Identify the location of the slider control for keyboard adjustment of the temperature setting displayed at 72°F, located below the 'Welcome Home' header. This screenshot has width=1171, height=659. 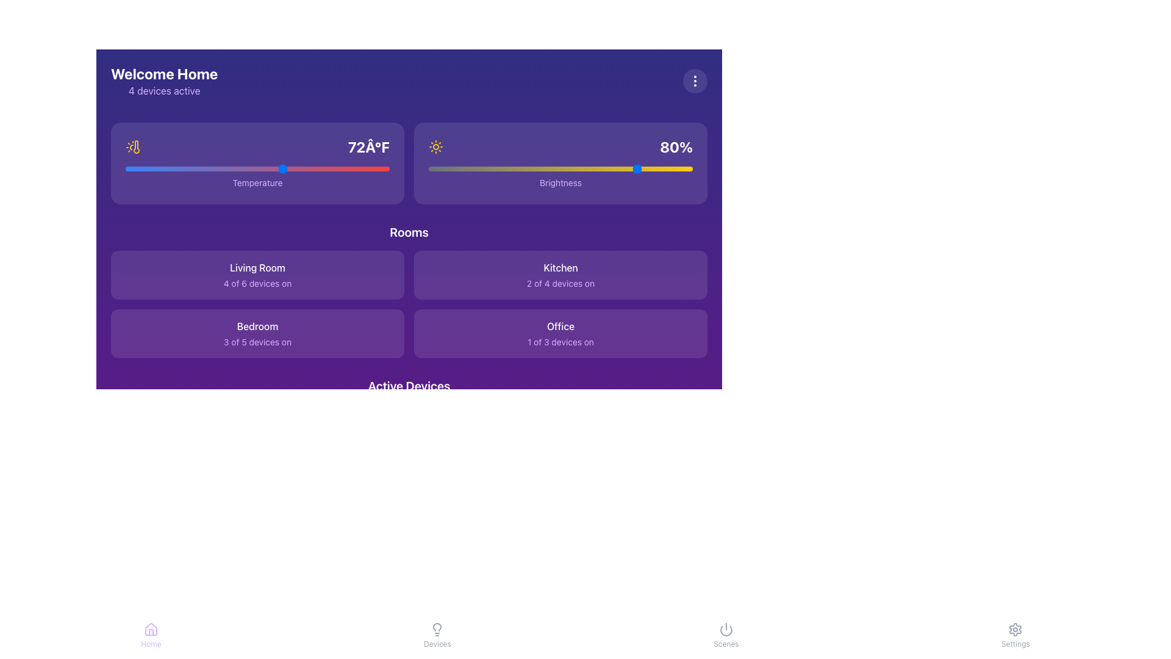
(257, 162).